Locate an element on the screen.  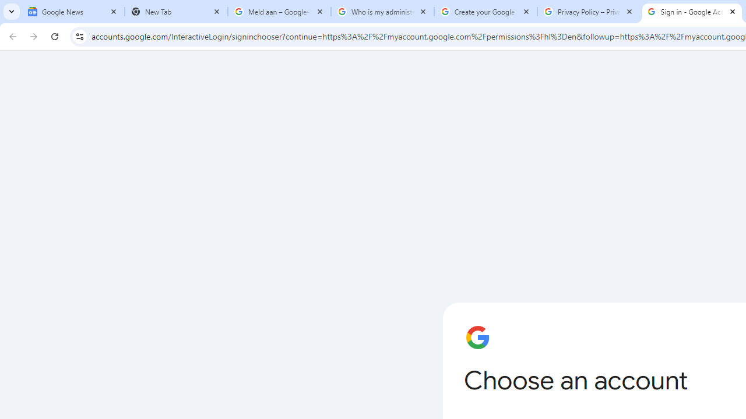
'Create your Google Account' is located at coordinates (485, 12).